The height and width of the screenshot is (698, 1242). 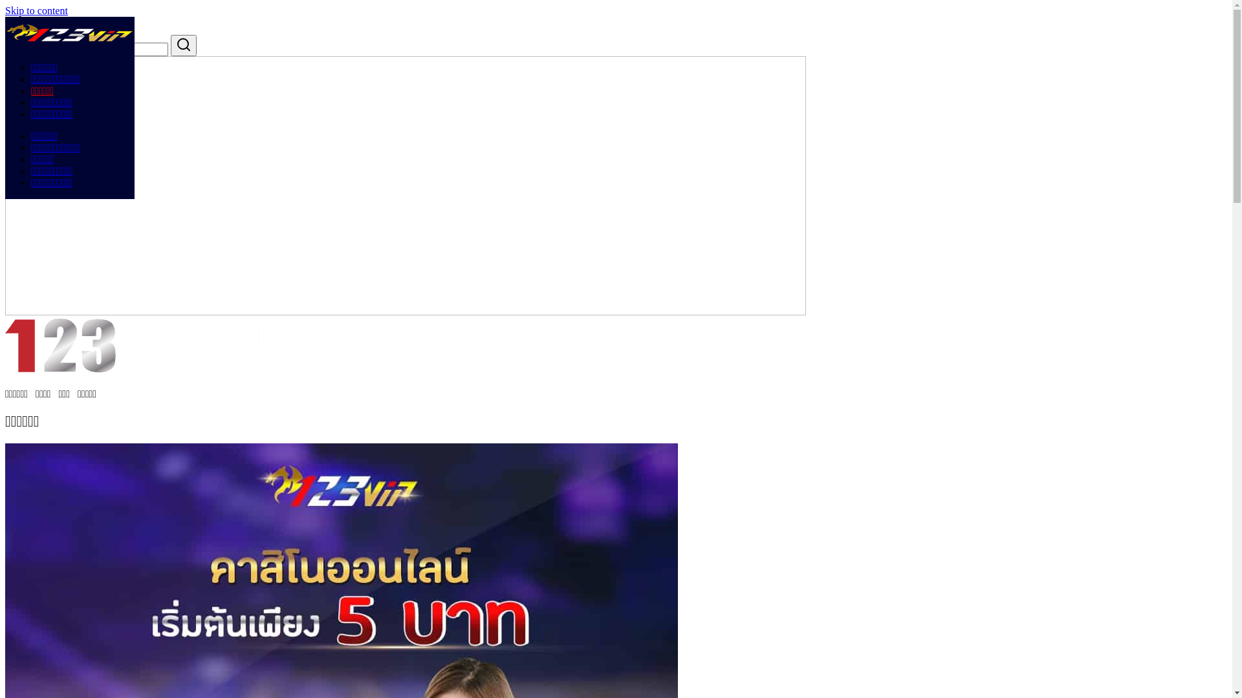 I want to click on 'Skip to content', so click(x=36, y=10).